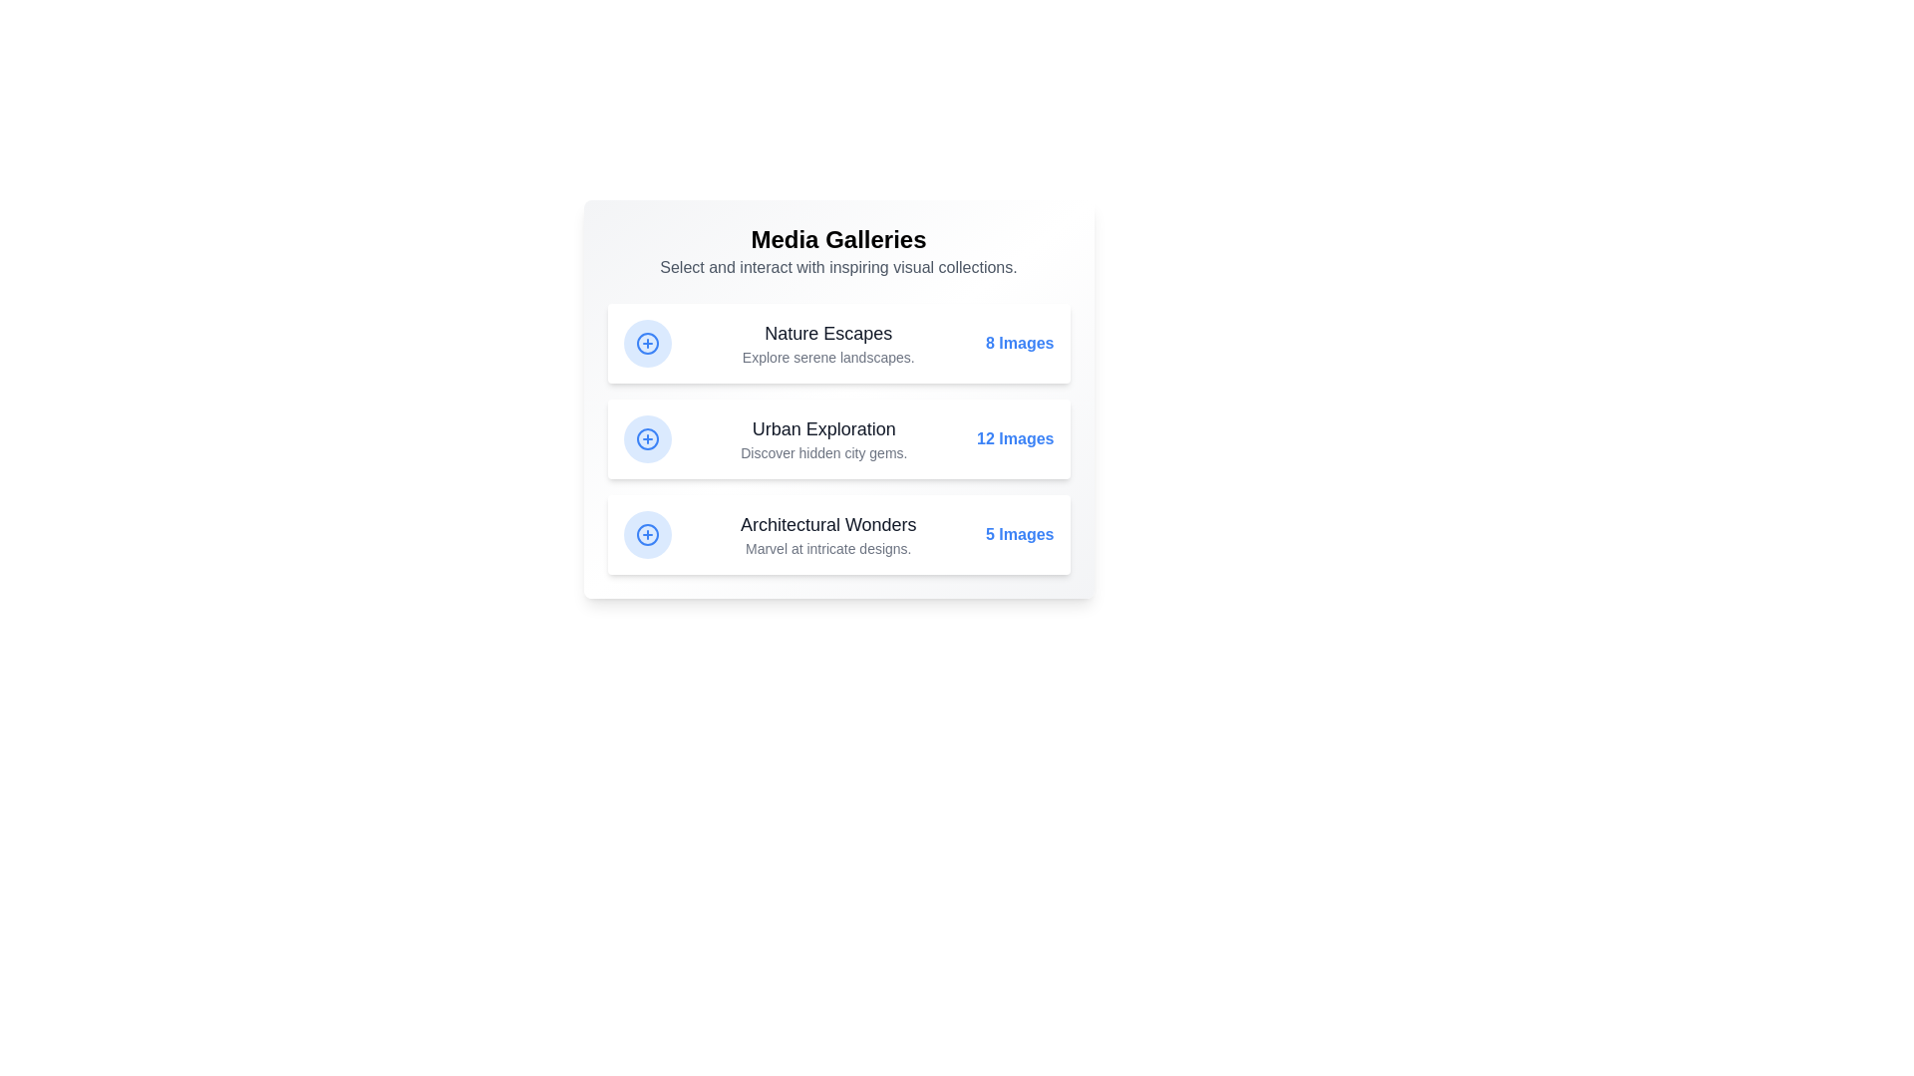 This screenshot has width=1914, height=1076. Describe the element at coordinates (647, 533) in the screenshot. I see `plus icon for Architectural Wonders gallery details` at that location.